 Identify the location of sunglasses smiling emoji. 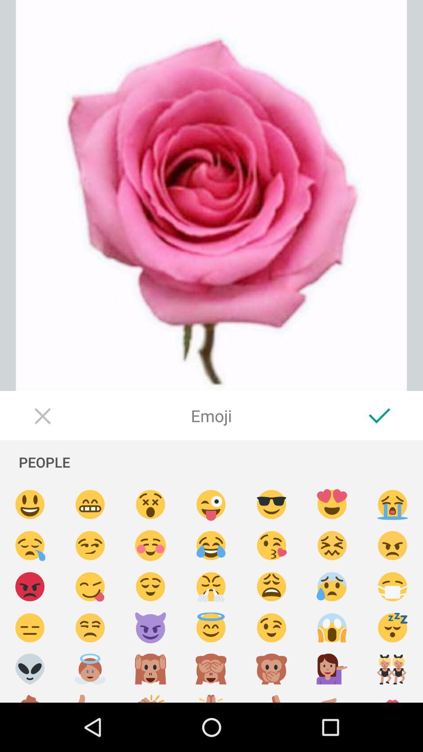
(271, 504).